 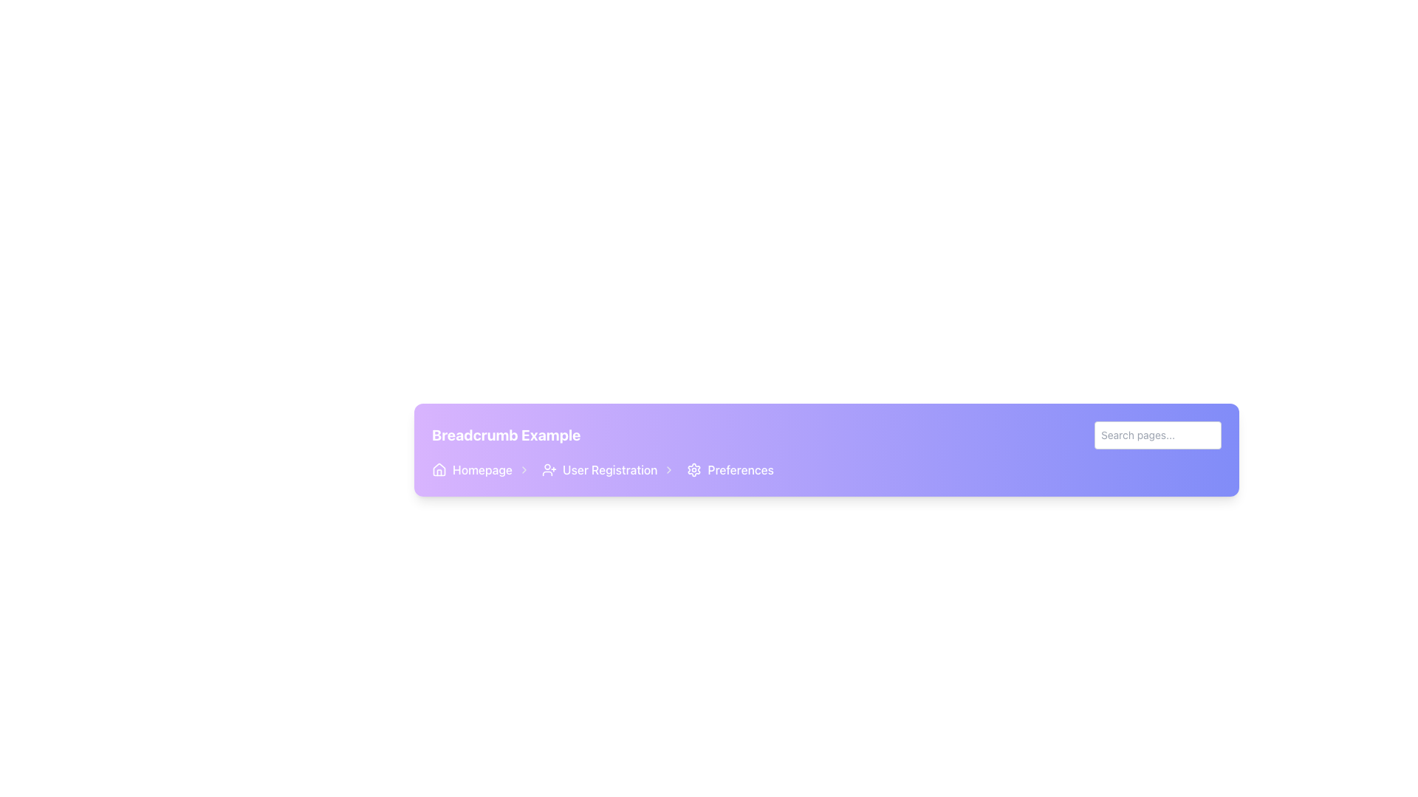 I want to click on the 'Preferences' text link, which is styled in white and located on the far right side of a navigation breadcrumb on a purple background, so click(x=741, y=469).